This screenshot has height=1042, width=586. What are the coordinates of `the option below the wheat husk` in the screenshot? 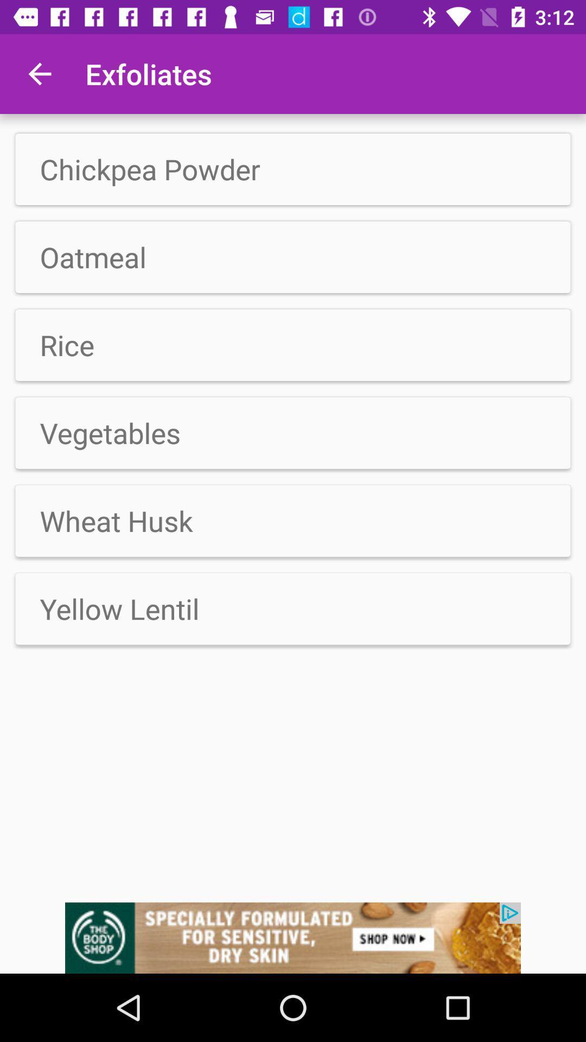 It's located at (293, 609).